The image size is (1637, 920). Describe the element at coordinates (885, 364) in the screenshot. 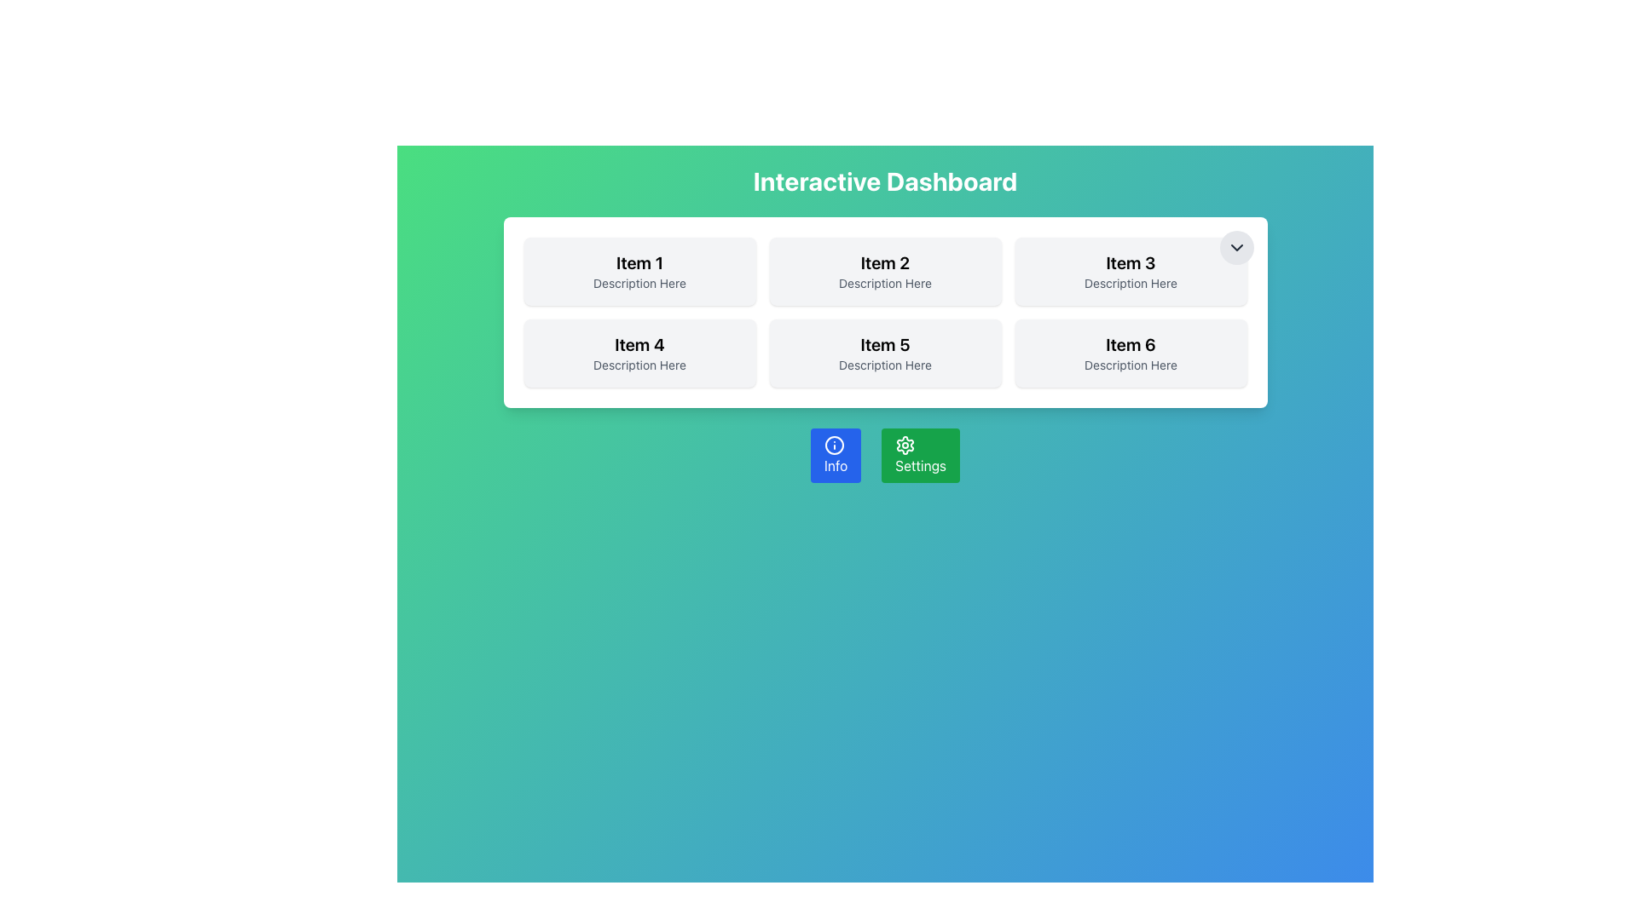

I see `the text label displaying 'Description Here' located within the 'Item 5' panel, which has a light gray background and rounded corners` at that location.